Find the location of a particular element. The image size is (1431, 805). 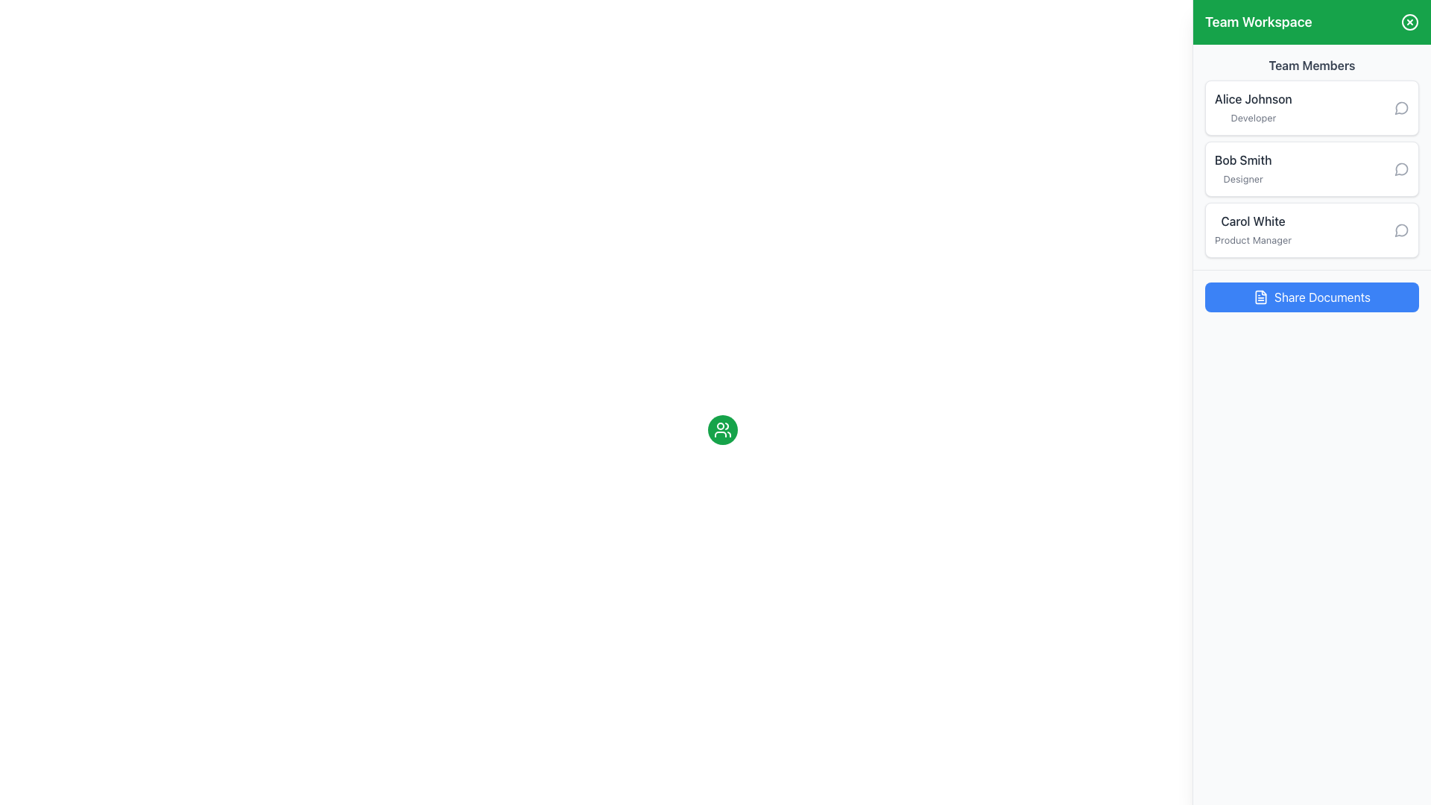

the static text label displaying 'Alice Johnson' in the 'Team Members' section located in the top-right sidebar is located at coordinates (1252, 98).